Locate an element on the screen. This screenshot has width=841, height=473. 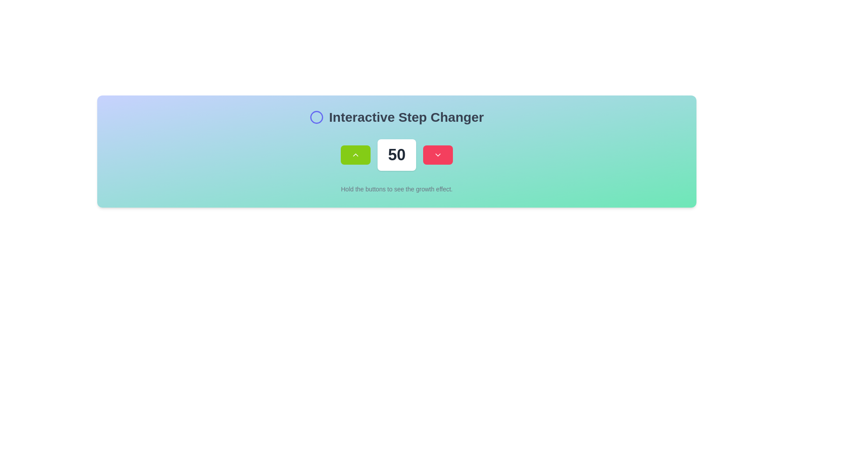
the decorative indicator icon located on the left side of the text label 'Interactive Step Changer' to receive additional feedback when it becomes interactive in specific contexts is located at coordinates (316, 116).